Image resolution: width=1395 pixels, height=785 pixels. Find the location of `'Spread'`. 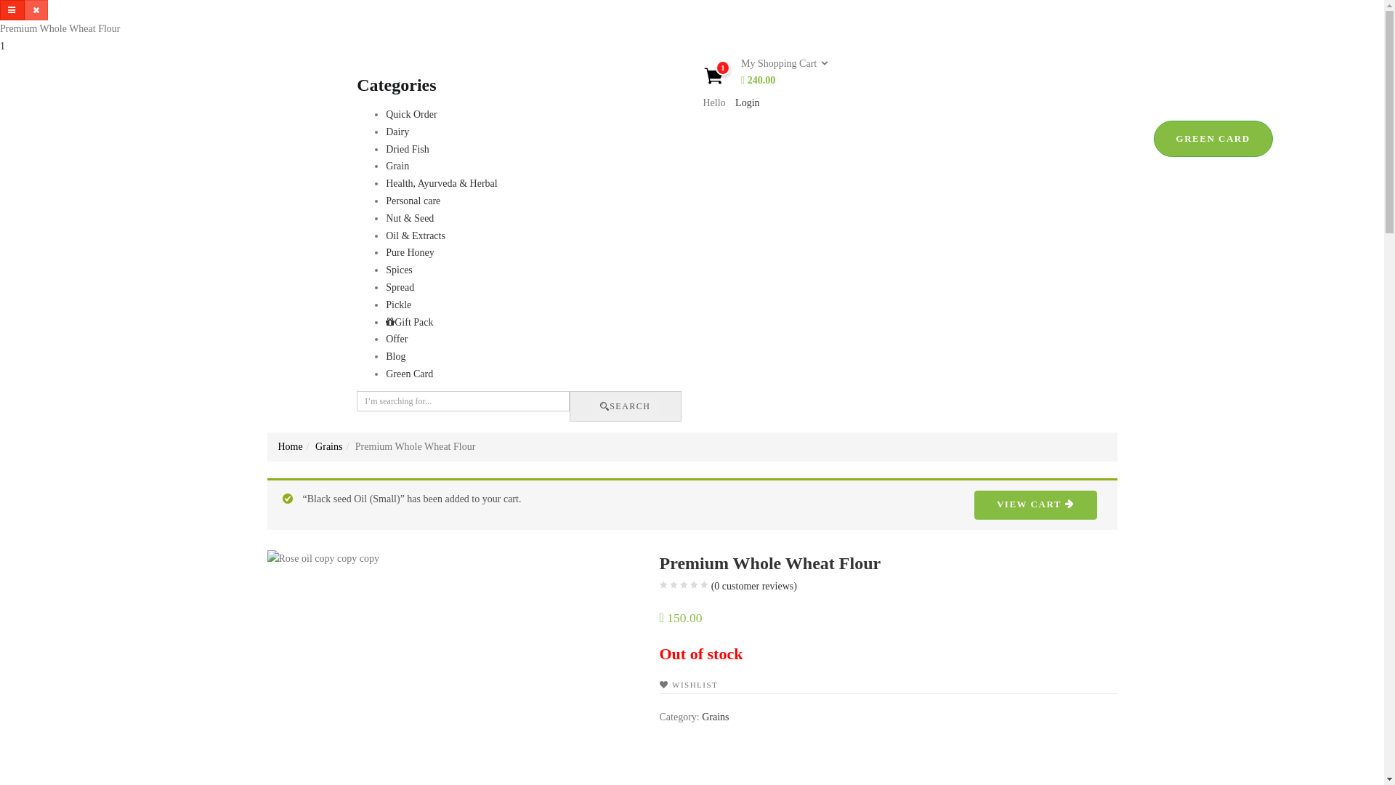

'Spread' is located at coordinates (400, 287).